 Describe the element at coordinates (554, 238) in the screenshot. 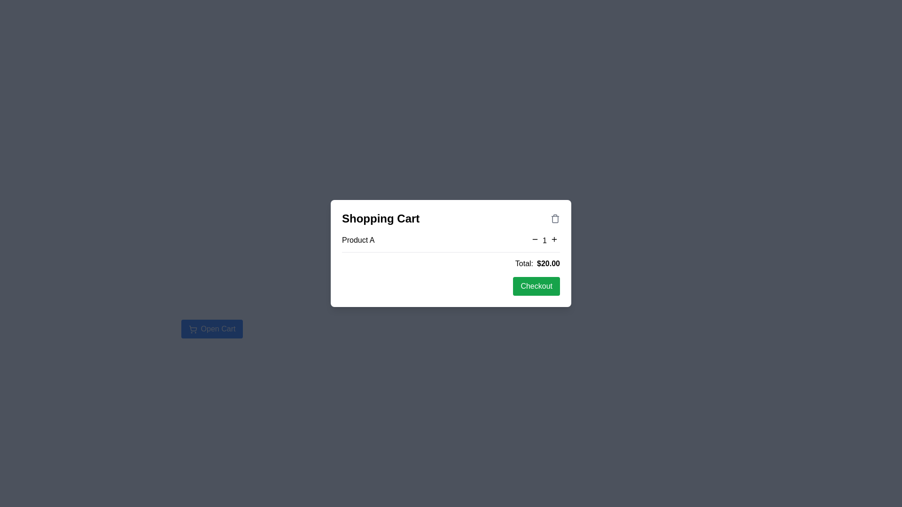

I see `the '+' SVG icon button located near the bottom-right area of the shopping cart modal window to increase the quantity of 'Product A'` at that location.